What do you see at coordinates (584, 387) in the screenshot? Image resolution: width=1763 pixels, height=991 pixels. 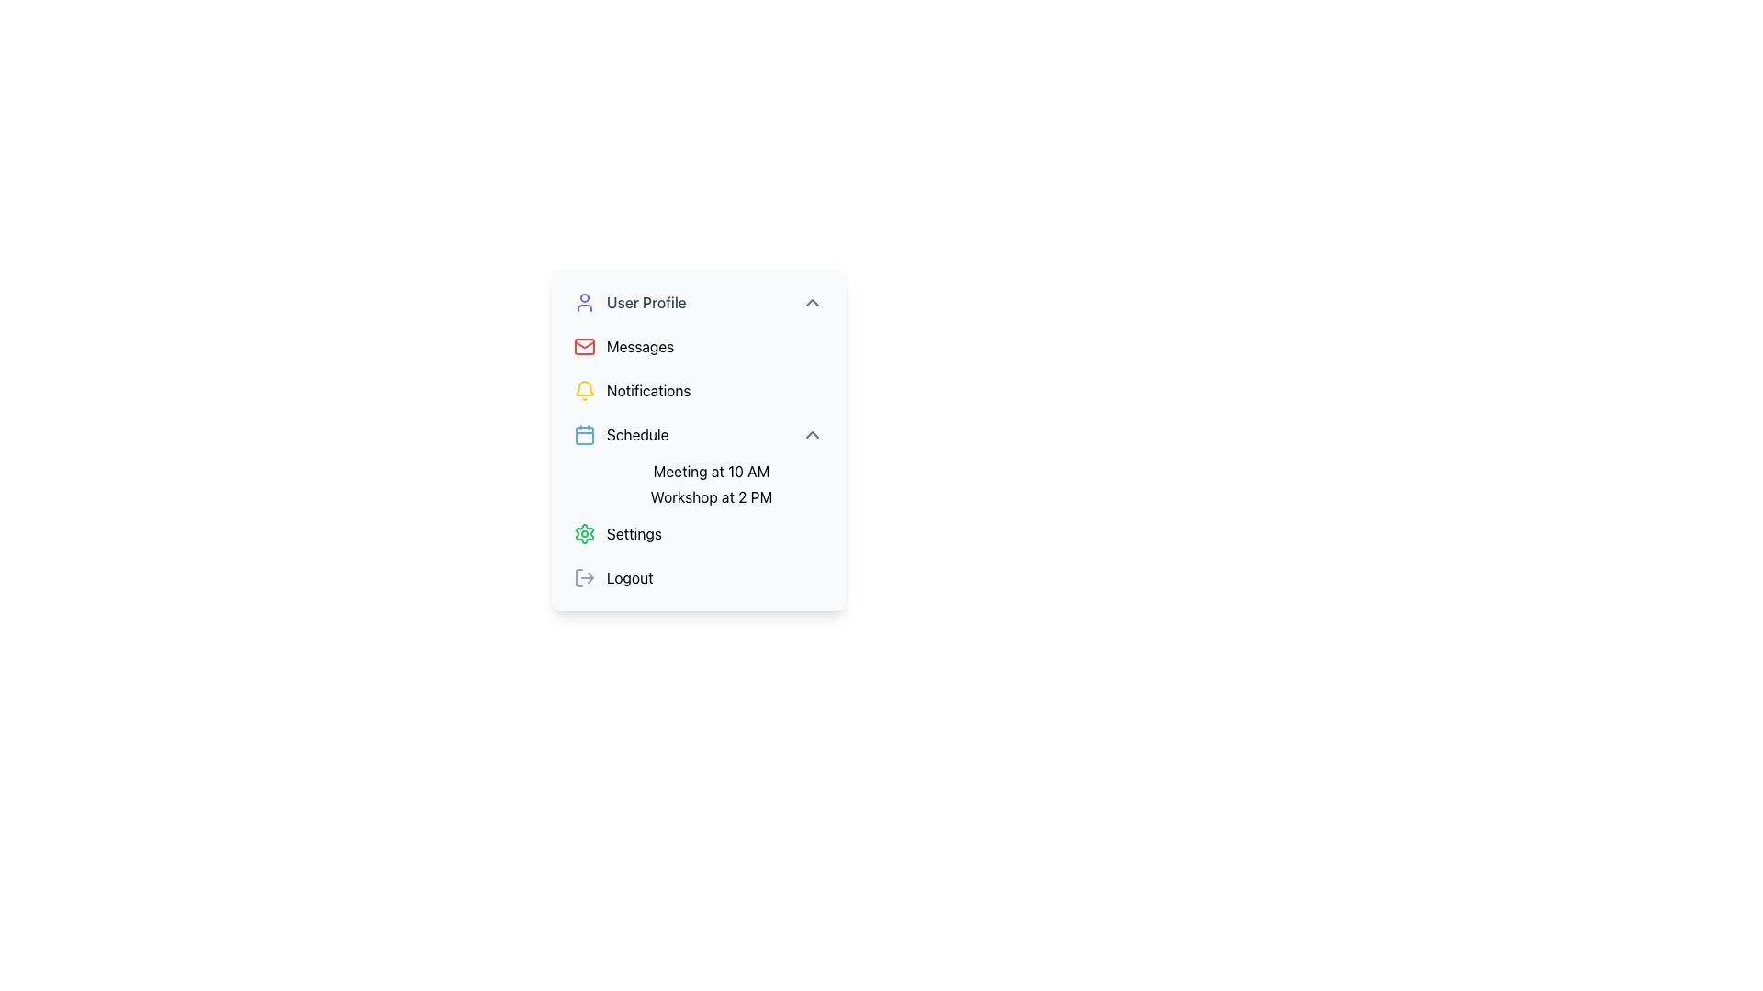 I see `the bell icon` at bounding box center [584, 387].